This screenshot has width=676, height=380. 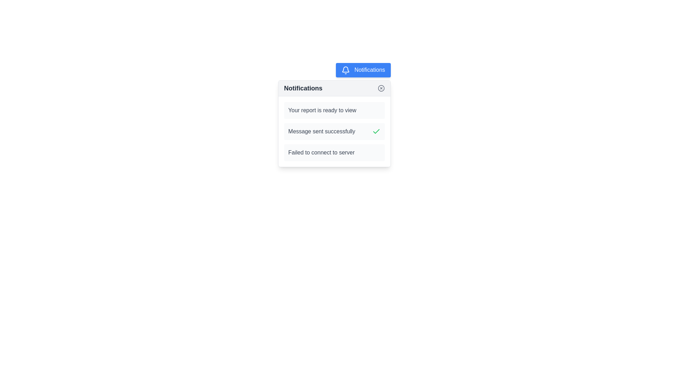 What do you see at coordinates (334, 152) in the screenshot?
I see `the static notification block displaying the text 'Failed to connect to server', which is styled as a light gray rectangular block with a rounded border, located at the bottom of the notification list` at bounding box center [334, 152].